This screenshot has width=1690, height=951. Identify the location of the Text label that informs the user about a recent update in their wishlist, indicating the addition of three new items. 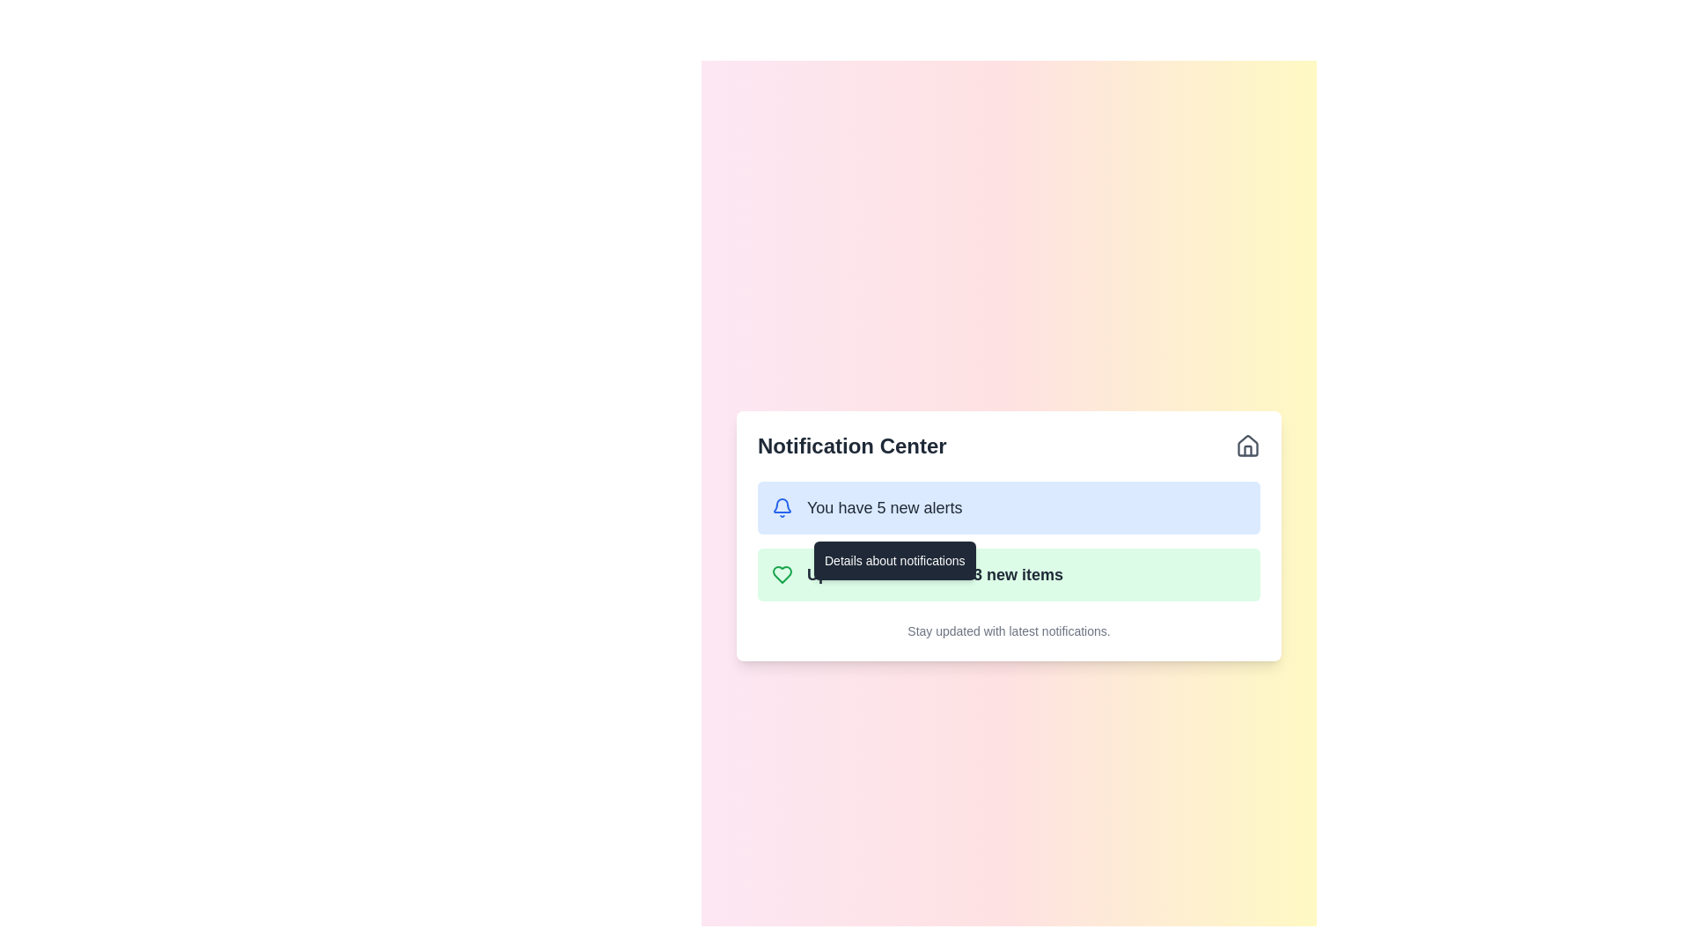
(934, 574).